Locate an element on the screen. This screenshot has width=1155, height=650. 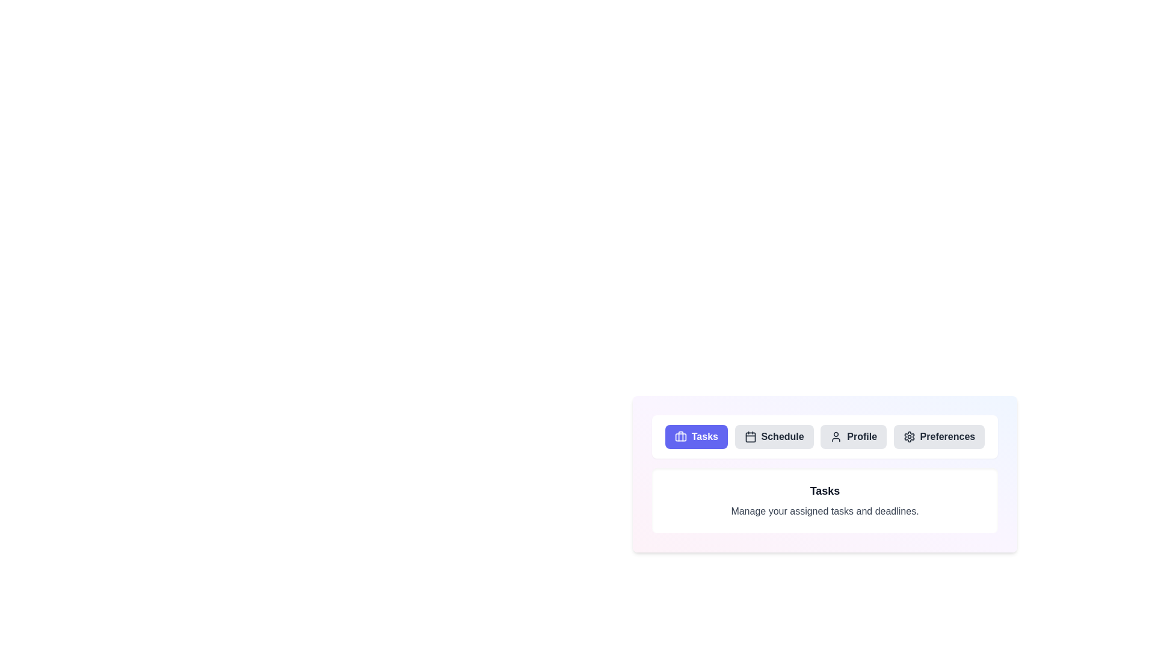
the Profile tab is located at coordinates (853, 436).